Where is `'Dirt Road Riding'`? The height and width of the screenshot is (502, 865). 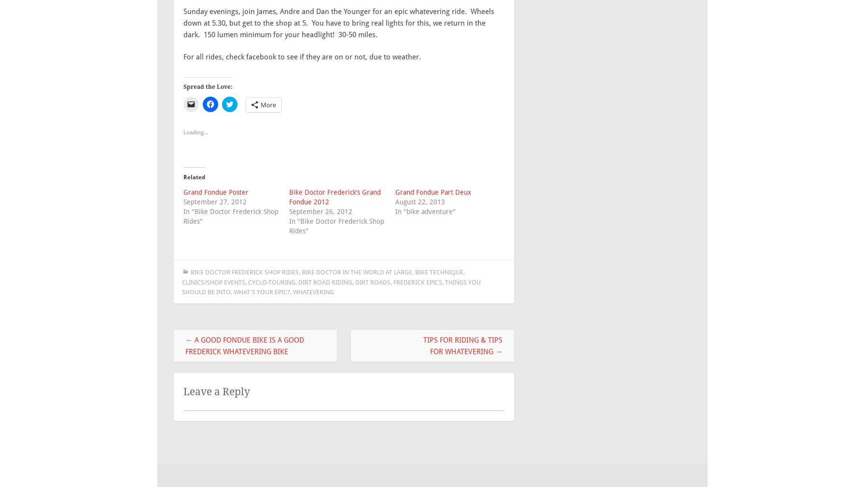
'Dirt Road Riding' is located at coordinates (325, 282).